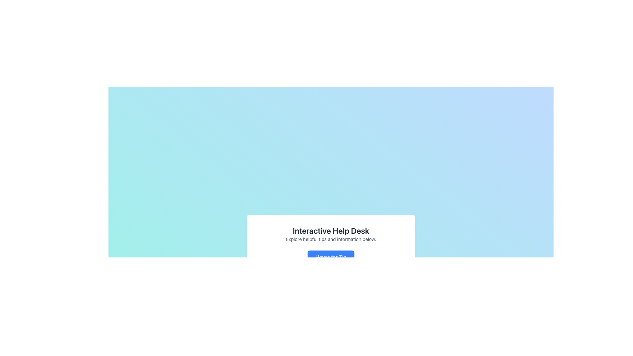 The image size is (633, 356). Describe the element at coordinates (331, 256) in the screenshot. I see `the interactive help button located in the white panel of the help desk interface, positioned below the title text 'Interactive Help Desk'` at that location.